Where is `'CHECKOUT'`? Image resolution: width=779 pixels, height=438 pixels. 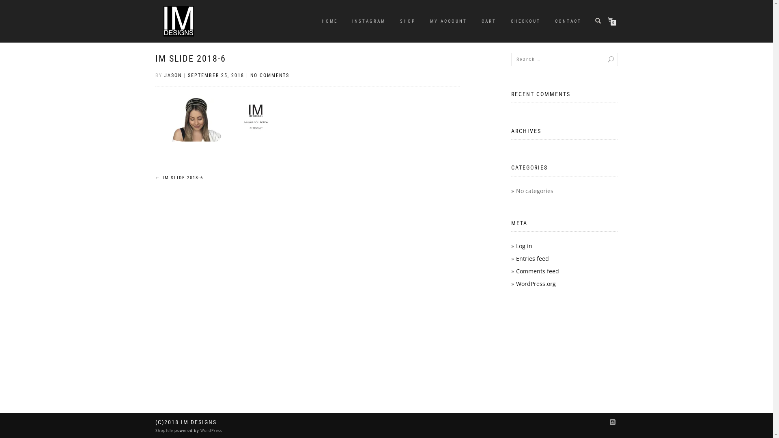
'CHECKOUT' is located at coordinates (525, 21).